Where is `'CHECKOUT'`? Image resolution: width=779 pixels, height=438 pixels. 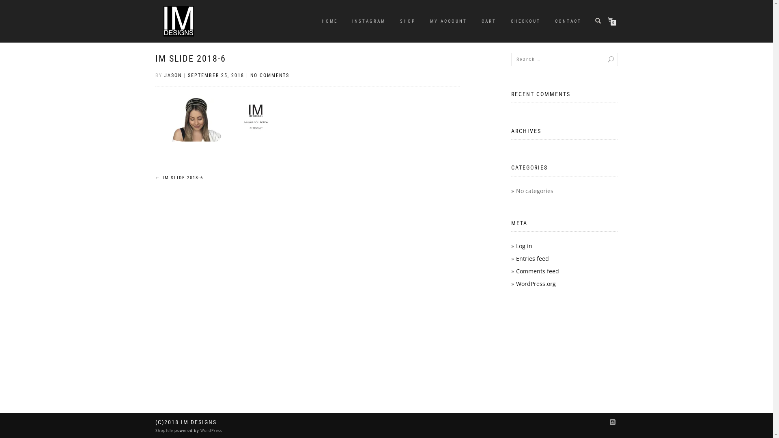
'CHECKOUT' is located at coordinates (525, 21).